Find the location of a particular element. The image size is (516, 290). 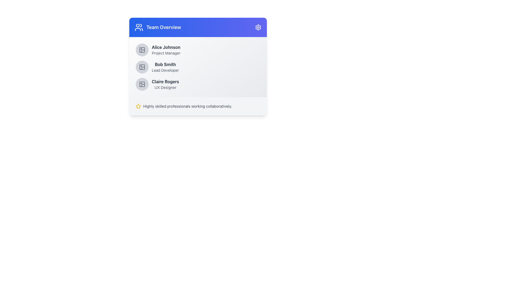

information displayed in the text block showcasing the name and occupation of the third team member in the team overview card is located at coordinates (165, 84).